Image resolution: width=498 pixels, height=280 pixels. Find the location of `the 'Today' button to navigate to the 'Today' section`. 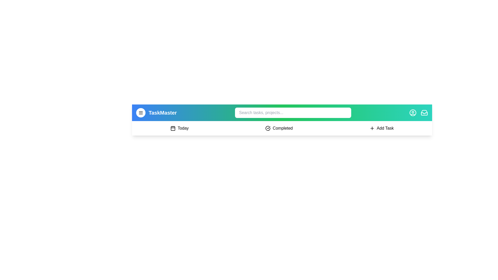

the 'Today' button to navigate to the 'Today' section is located at coordinates (179, 128).